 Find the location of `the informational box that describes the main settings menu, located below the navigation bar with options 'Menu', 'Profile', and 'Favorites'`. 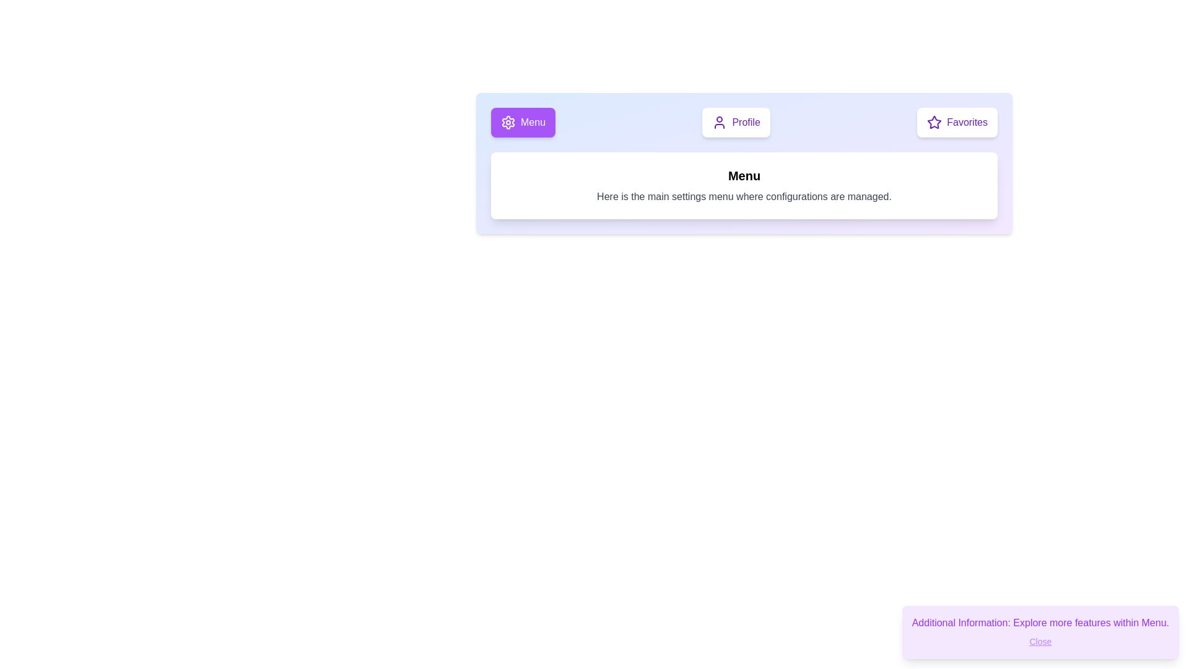

the informational box that describes the main settings menu, located below the navigation bar with options 'Menu', 'Profile', and 'Favorites' is located at coordinates (743, 186).